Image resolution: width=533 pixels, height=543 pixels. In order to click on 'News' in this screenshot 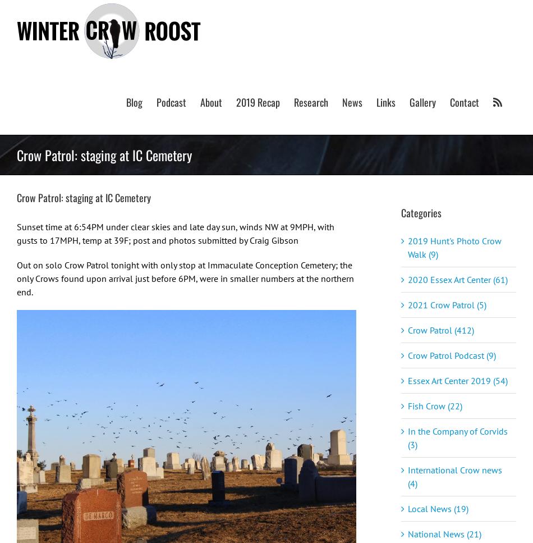, I will do `click(352, 102)`.